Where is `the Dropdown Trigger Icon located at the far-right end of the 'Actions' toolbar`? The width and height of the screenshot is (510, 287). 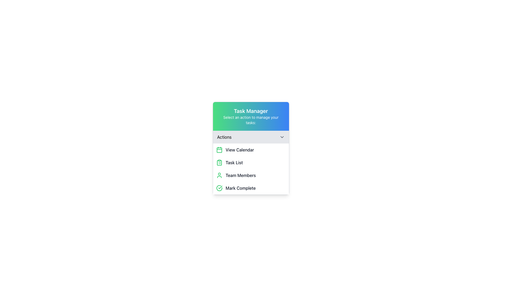
the Dropdown Trigger Icon located at the far-right end of the 'Actions' toolbar is located at coordinates (282, 137).